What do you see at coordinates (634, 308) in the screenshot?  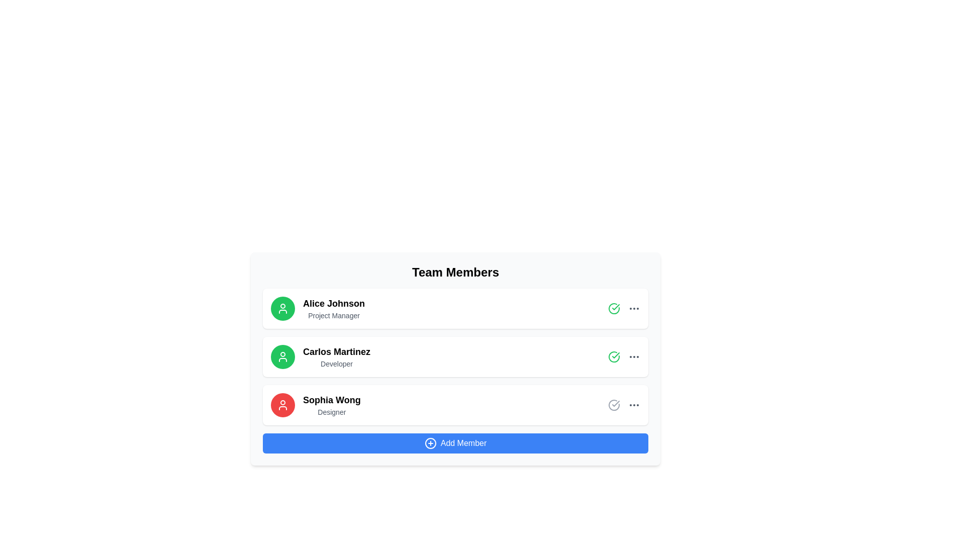 I see `the ellipsis button located on the right-hand side of 'Alice Johnson - Project Manager'` at bounding box center [634, 308].